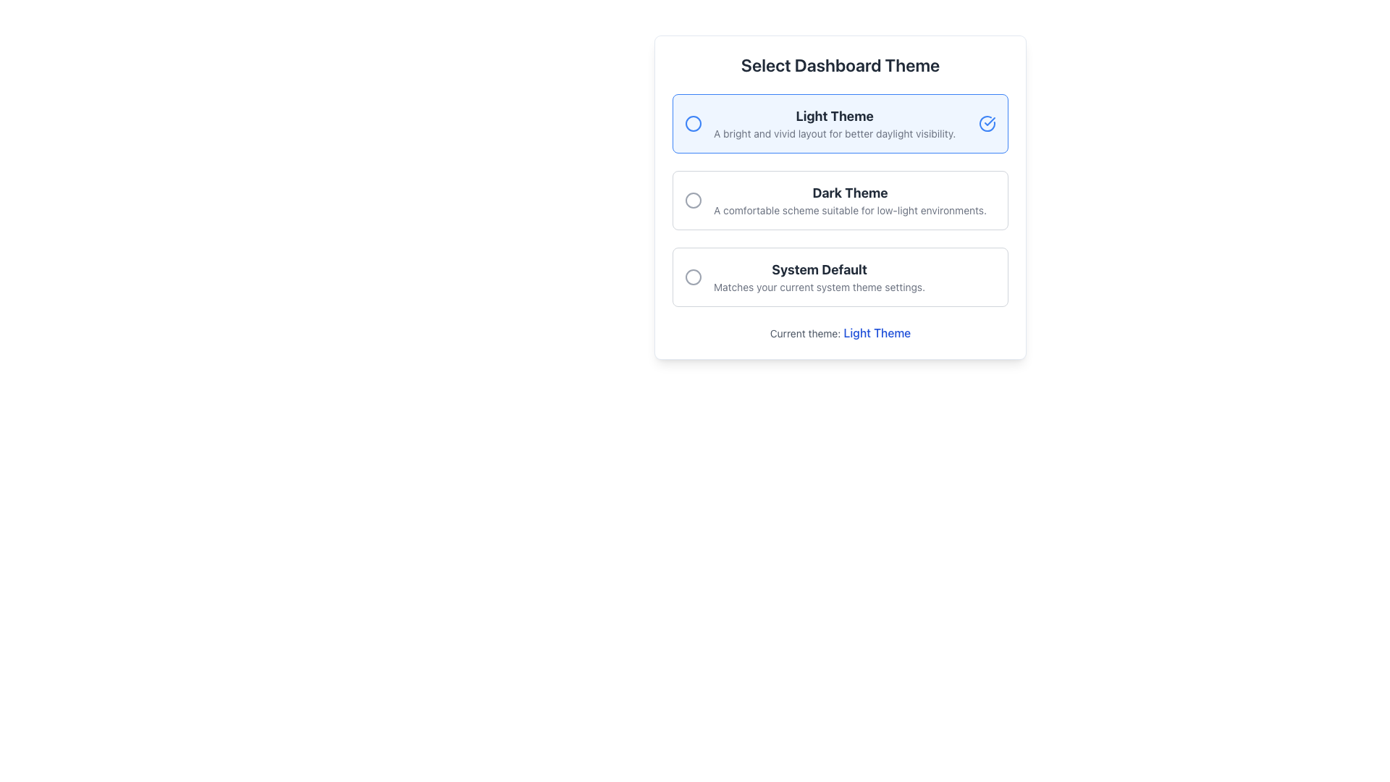 The width and height of the screenshot is (1390, 782). I want to click on the text label reading 'Dark Theme', which is styled with bold, large, dark gray font, located above a descriptive text within the middle selectable option of the dashboard theme settings, so click(850, 192).